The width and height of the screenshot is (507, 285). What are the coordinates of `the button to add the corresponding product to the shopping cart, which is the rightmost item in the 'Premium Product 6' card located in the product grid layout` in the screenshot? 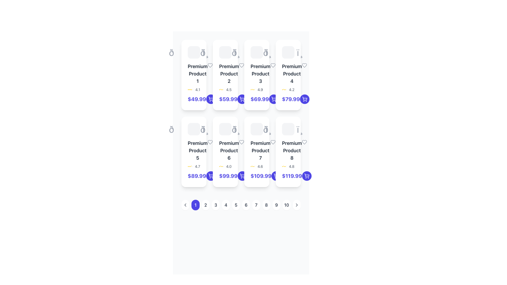 It's located at (242, 176).